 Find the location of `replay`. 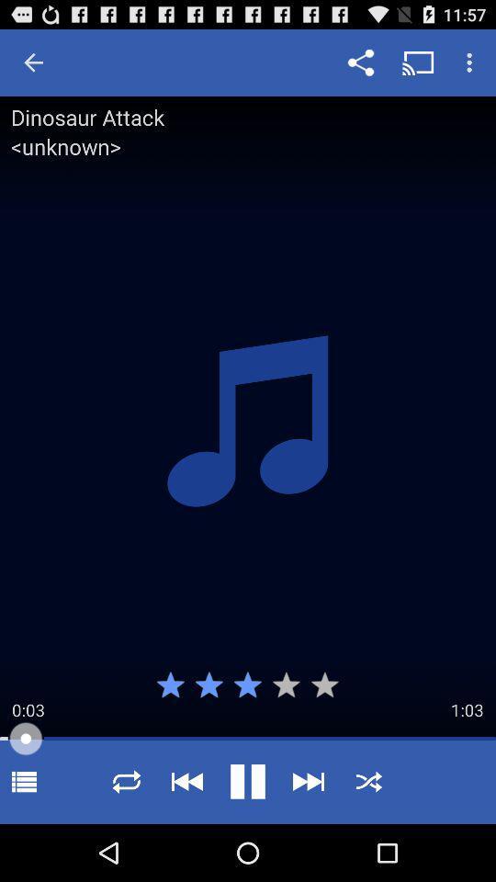

replay is located at coordinates (126, 781).